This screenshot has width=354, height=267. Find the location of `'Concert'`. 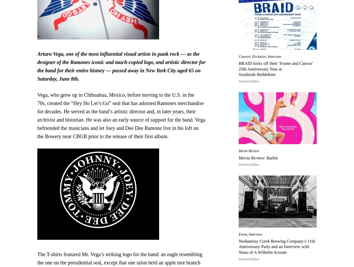

'Concert' is located at coordinates (244, 56).